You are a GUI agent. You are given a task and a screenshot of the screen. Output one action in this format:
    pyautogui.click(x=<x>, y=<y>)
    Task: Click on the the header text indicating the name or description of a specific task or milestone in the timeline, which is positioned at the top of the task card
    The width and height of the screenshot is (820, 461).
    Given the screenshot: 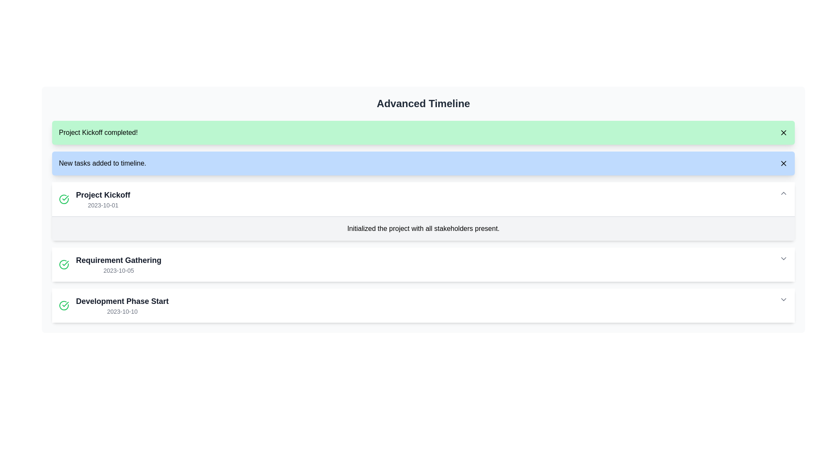 What is the action you would take?
    pyautogui.click(x=102, y=195)
    